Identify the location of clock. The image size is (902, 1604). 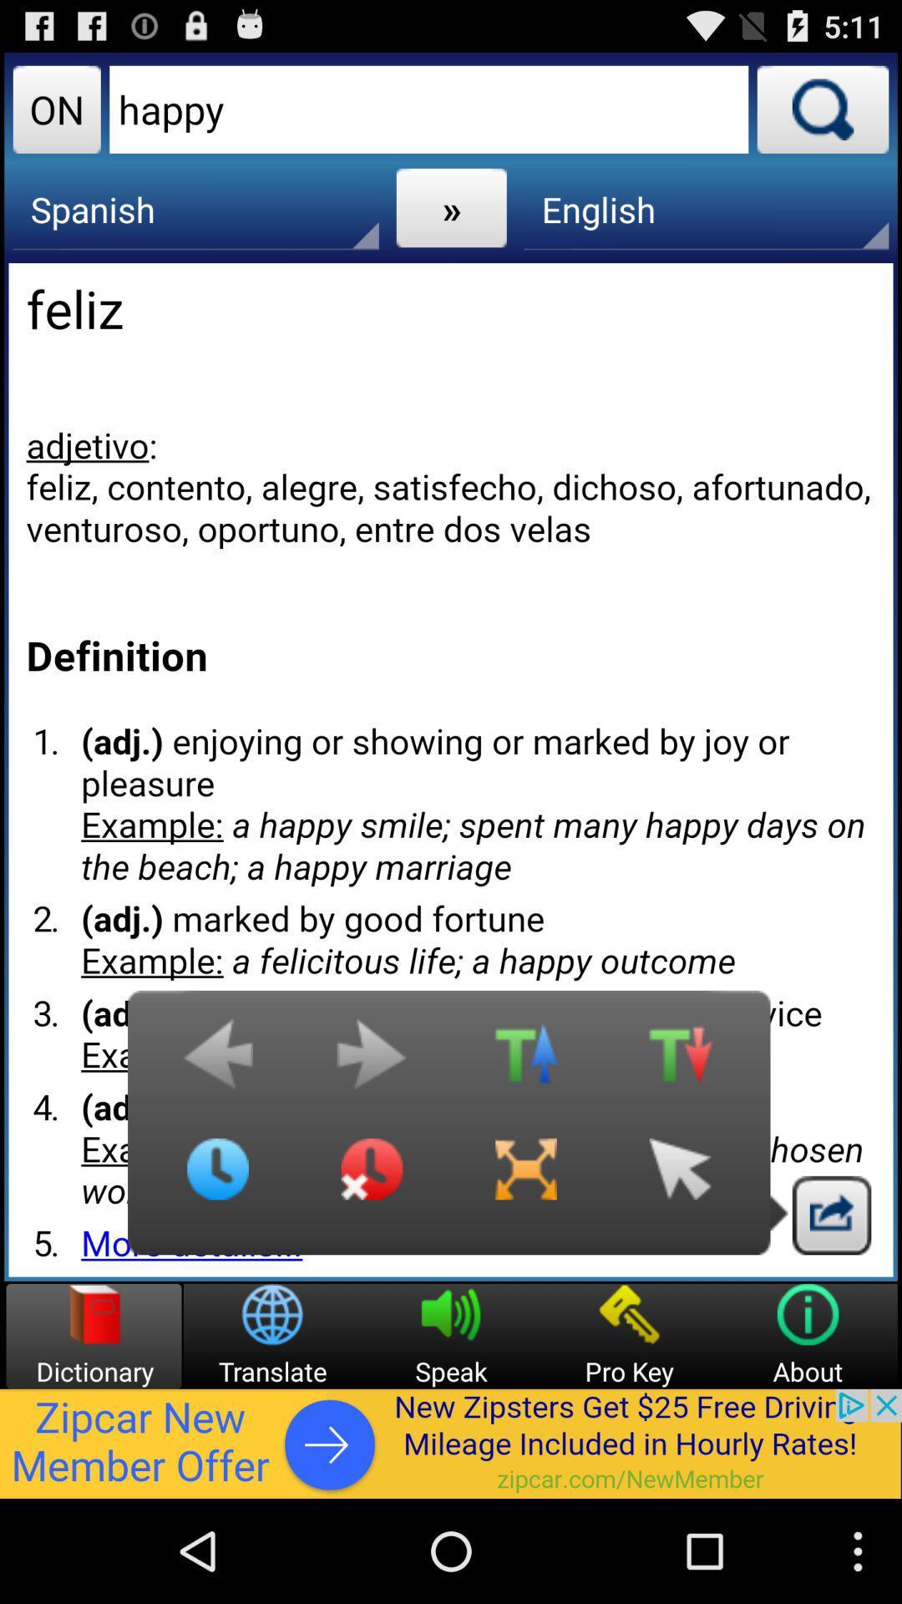
(217, 1181).